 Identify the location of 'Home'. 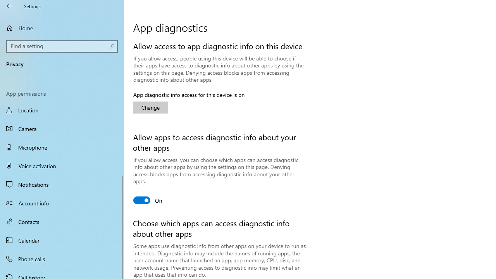
(62, 28).